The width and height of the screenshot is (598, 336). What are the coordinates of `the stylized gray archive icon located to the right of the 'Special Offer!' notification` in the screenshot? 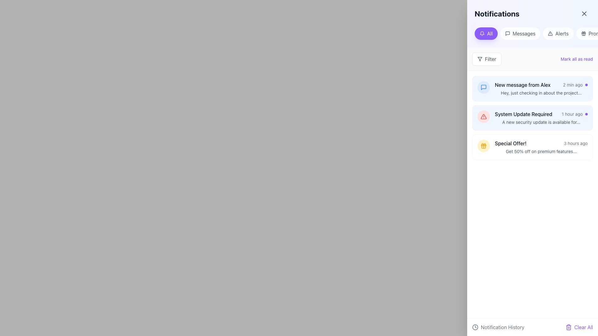 It's located at (558, 147).